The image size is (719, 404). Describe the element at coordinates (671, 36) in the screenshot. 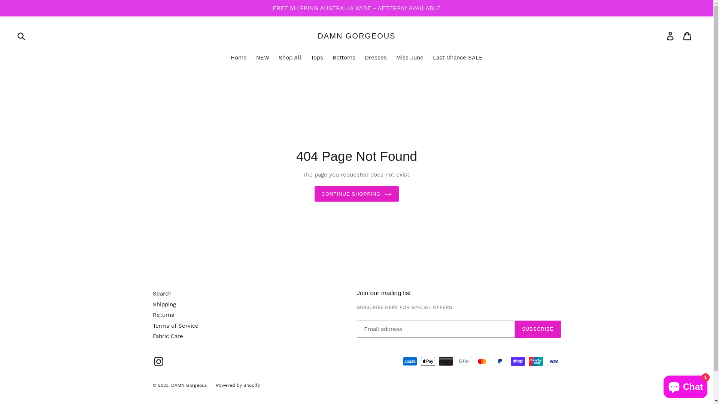

I see `'Log in'` at that location.